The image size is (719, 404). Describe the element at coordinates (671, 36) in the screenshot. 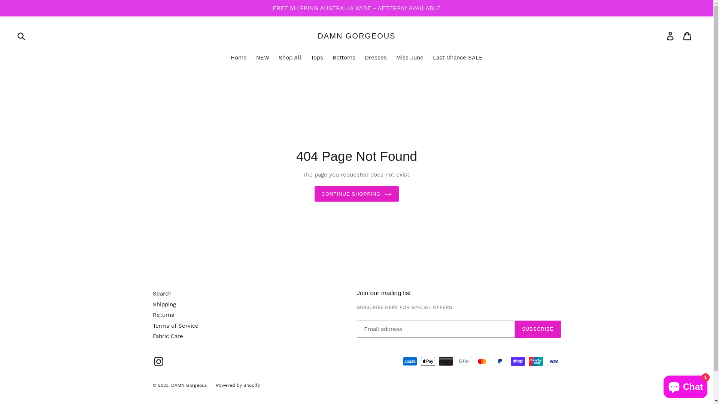

I see `'Log in'` at that location.